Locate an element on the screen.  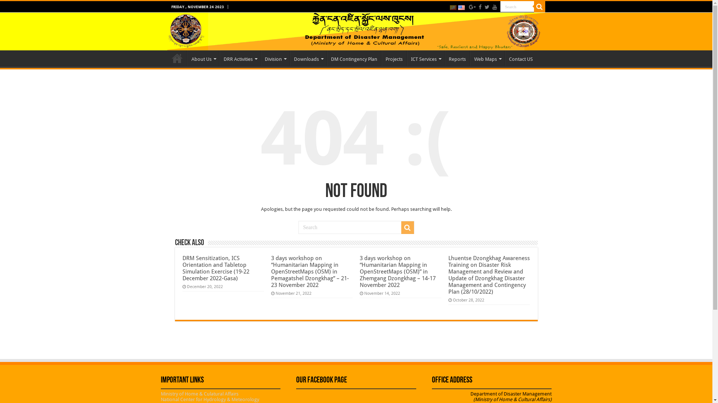
'About Us' is located at coordinates (203, 57).